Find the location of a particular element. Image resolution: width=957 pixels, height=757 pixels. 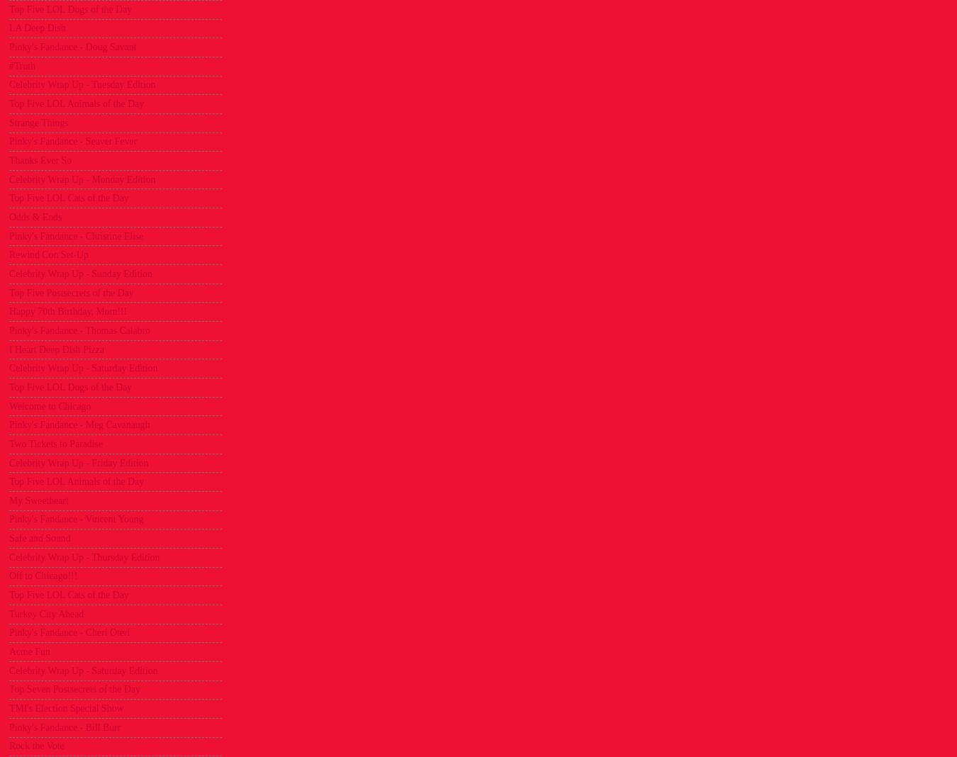

'Pinky's Fandance - Meg Cavanaugh' is located at coordinates (79, 424).